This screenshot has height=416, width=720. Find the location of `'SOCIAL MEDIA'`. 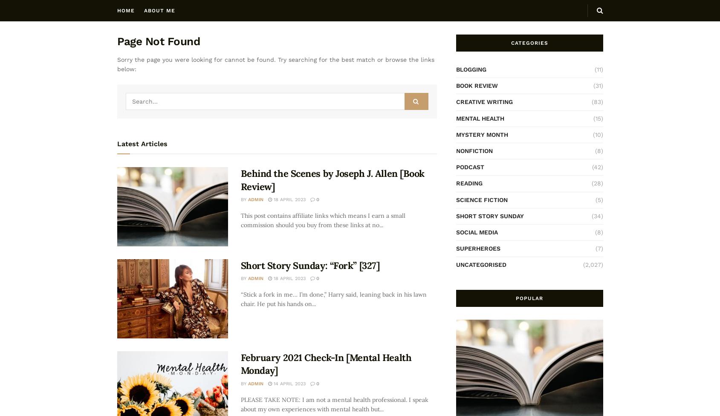

'SOCIAL MEDIA' is located at coordinates (476, 232).